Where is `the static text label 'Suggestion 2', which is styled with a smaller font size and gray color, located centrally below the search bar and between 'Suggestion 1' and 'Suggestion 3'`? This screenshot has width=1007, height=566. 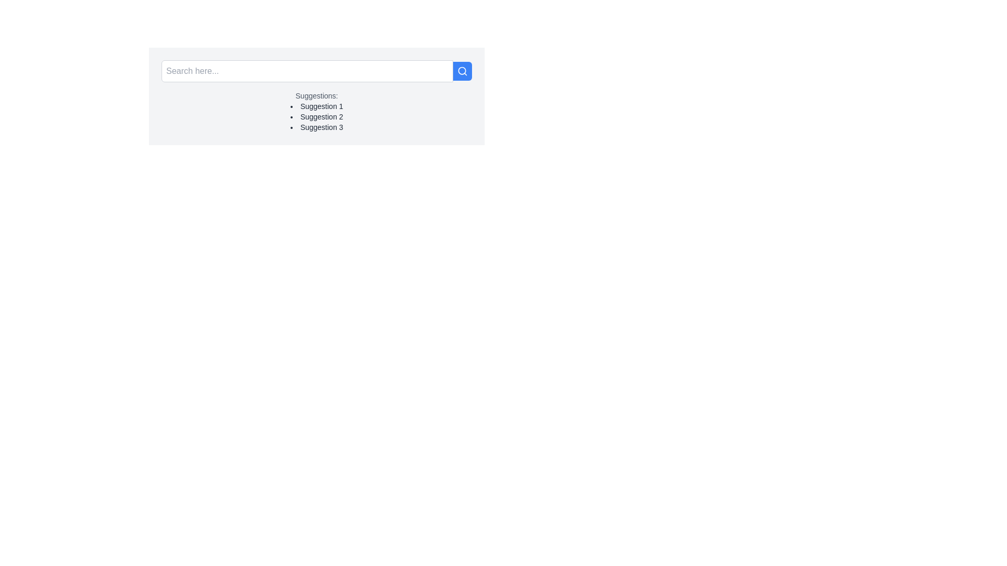
the static text label 'Suggestion 2', which is styled with a smaller font size and gray color, located centrally below the search bar and between 'Suggestion 1' and 'Suggestion 3' is located at coordinates (316, 117).